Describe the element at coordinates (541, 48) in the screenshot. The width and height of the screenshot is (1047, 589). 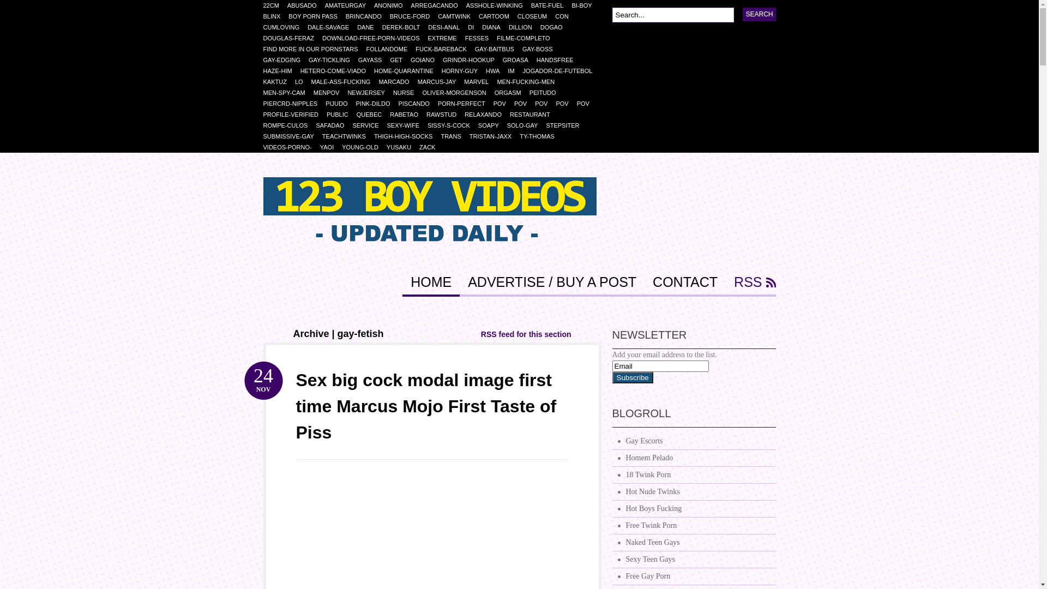
I see `'GAY-BOSS'` at that location.